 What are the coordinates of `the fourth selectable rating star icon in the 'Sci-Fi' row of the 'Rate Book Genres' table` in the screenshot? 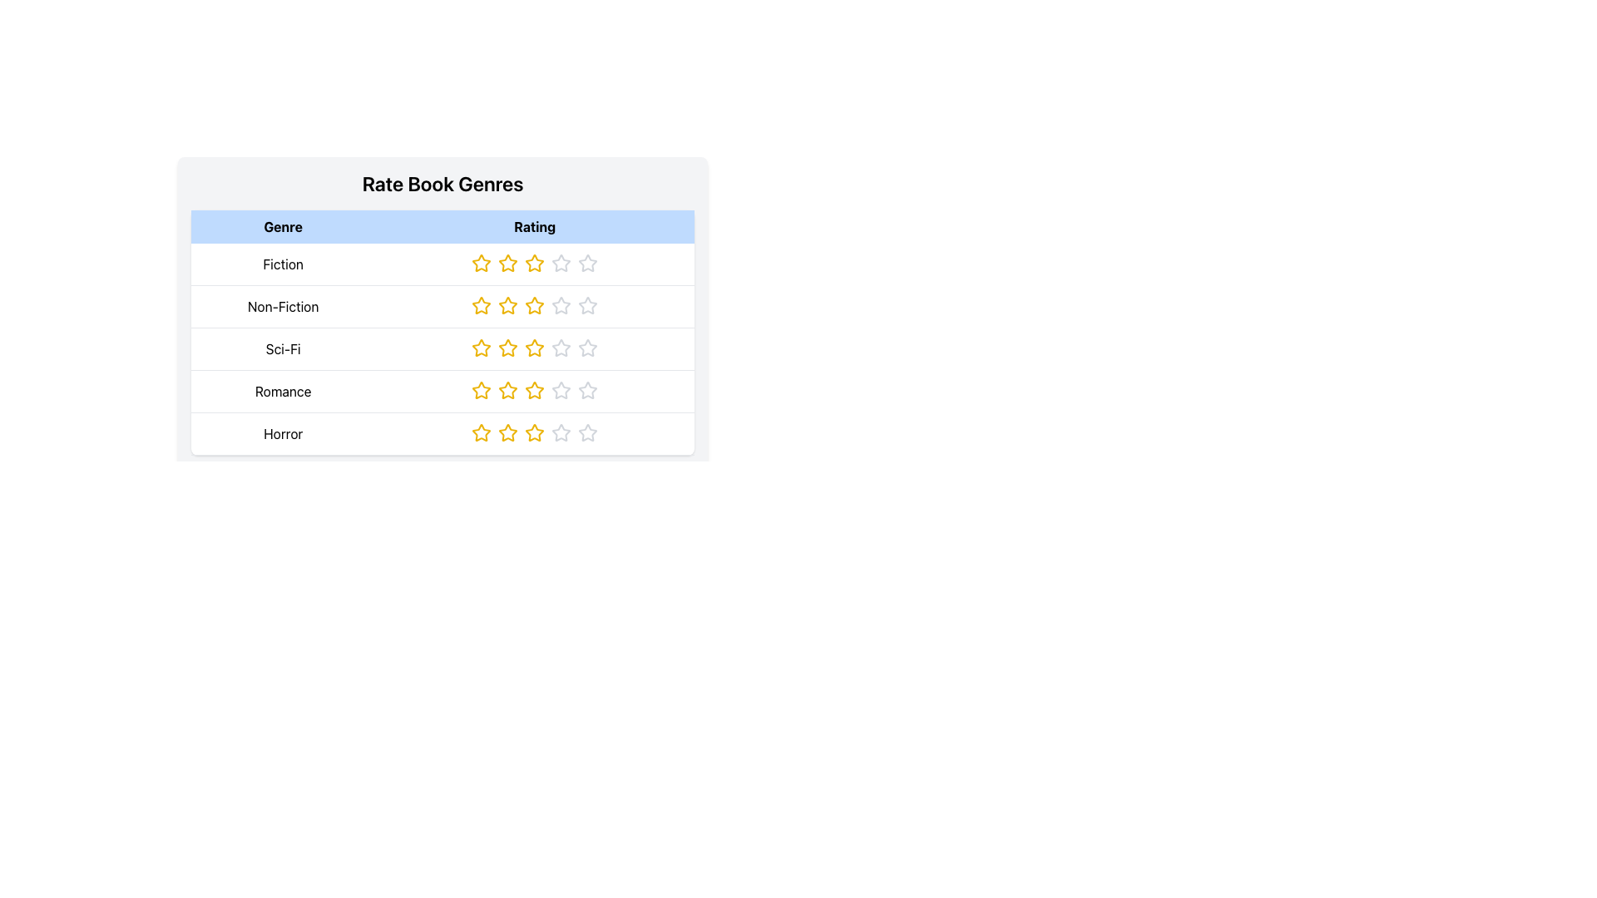 It's located at (561, 347).